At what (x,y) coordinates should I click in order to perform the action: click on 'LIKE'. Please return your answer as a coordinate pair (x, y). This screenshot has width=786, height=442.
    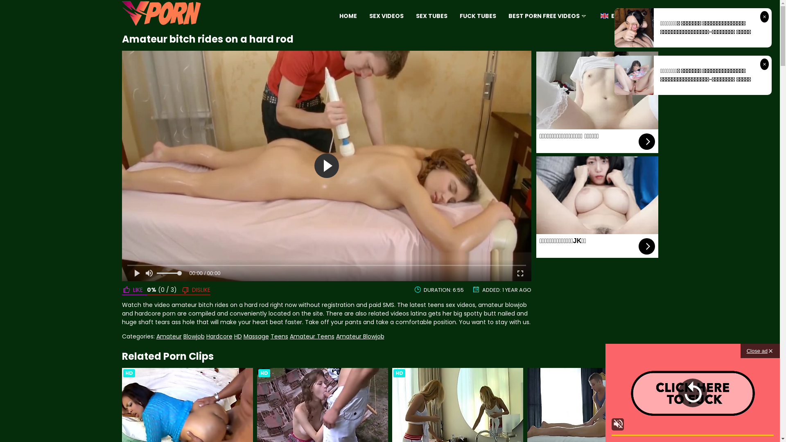
    Looking at the image, I should click on (134, 289).